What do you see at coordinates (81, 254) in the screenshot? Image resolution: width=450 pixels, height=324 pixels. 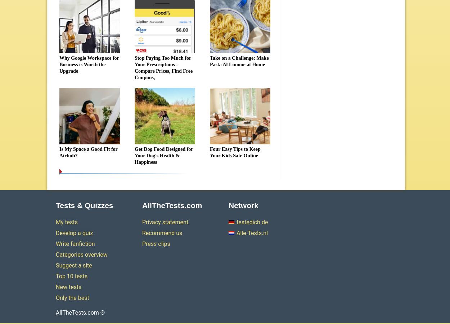 I see `'Categories overview'` at bounding box center [81, 254].